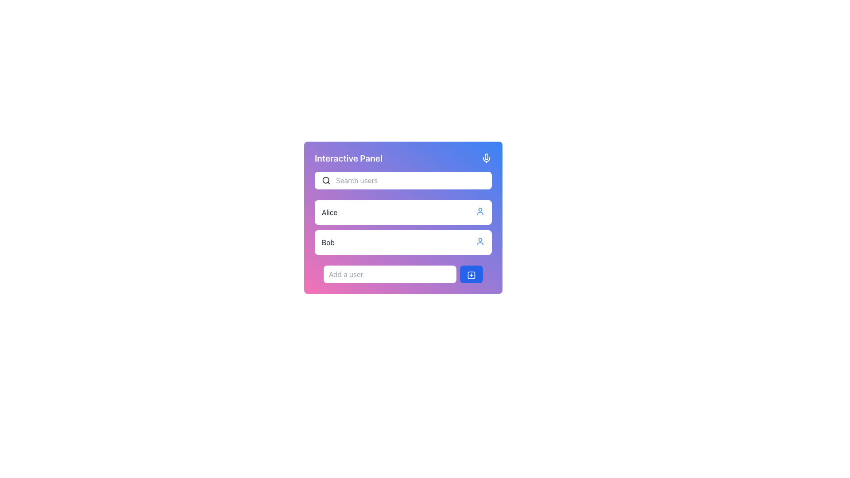 The width and height of the screenshot is (850, 478). I want to click on the 'Add' icon located within the button to the right of the 'Add a user' input field in the Interactive Panel, so click(471, 274).